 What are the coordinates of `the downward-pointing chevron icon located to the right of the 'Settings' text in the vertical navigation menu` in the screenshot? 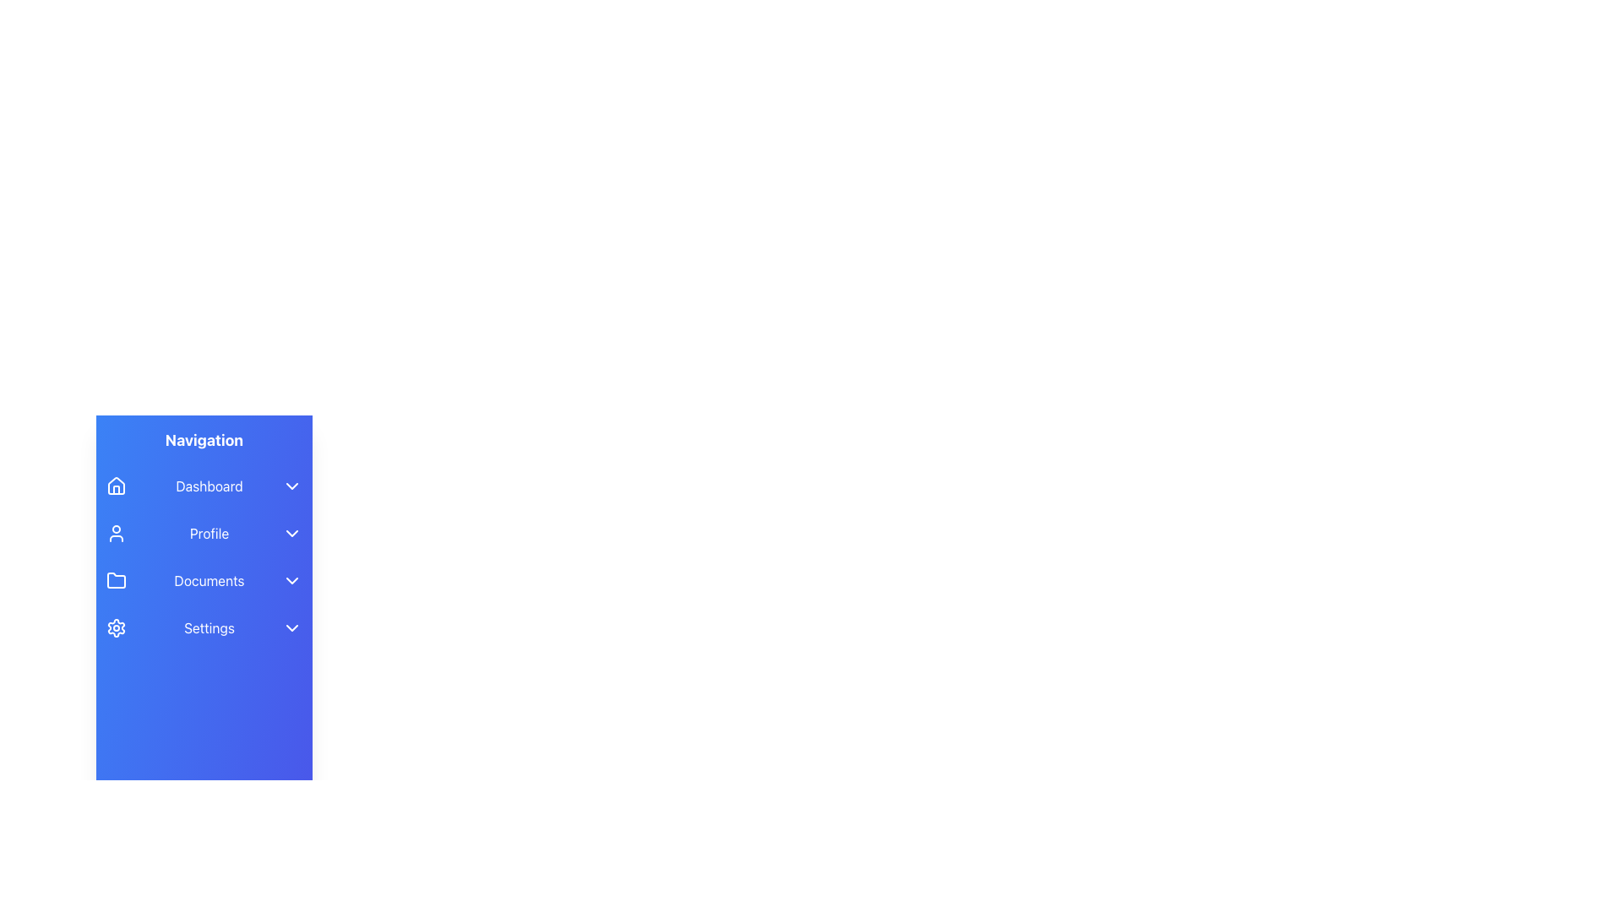 It's located at (291, 628).